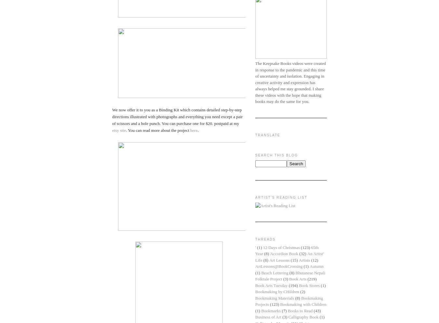  I want to click on 'Autumn', so click(316, 266).